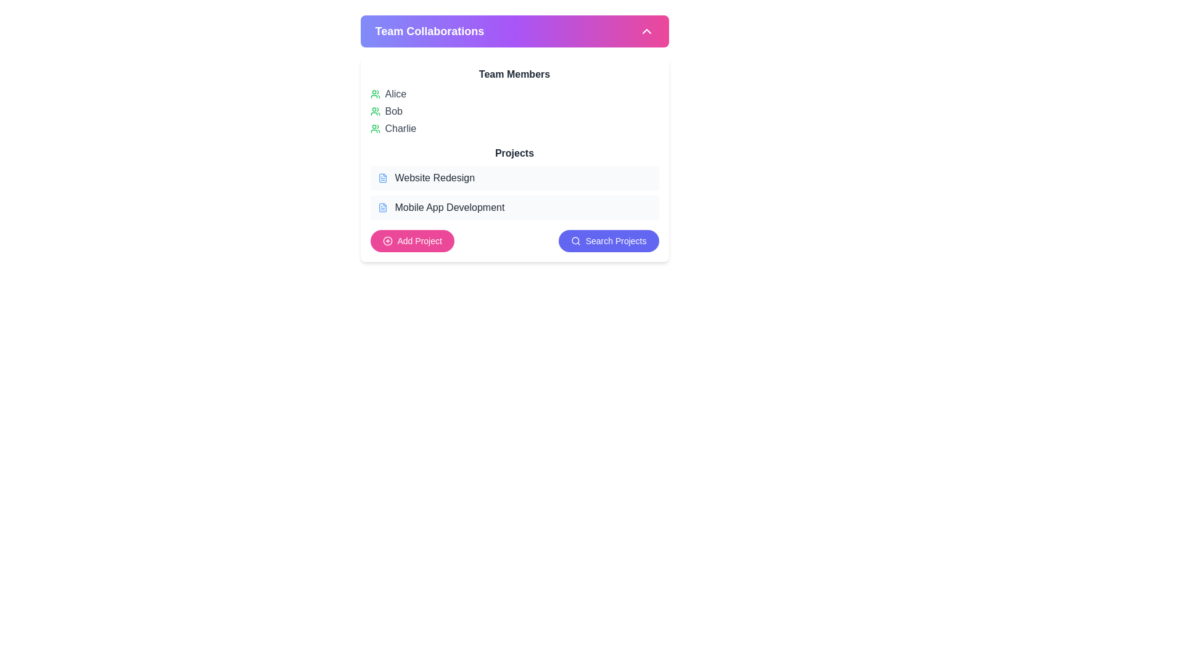 The height and width of the screenshot is (666, 1184). What do you see at coordinates (412, 240) in the screenshot?
I see `the 'Add Project' button, which has a bright pink background and contains a white circular icon with a plus sign, located to the left of the 'Search Projects' button in the 'Projects' section under 'Team Collaborations'` at bounding box center [412, 240].